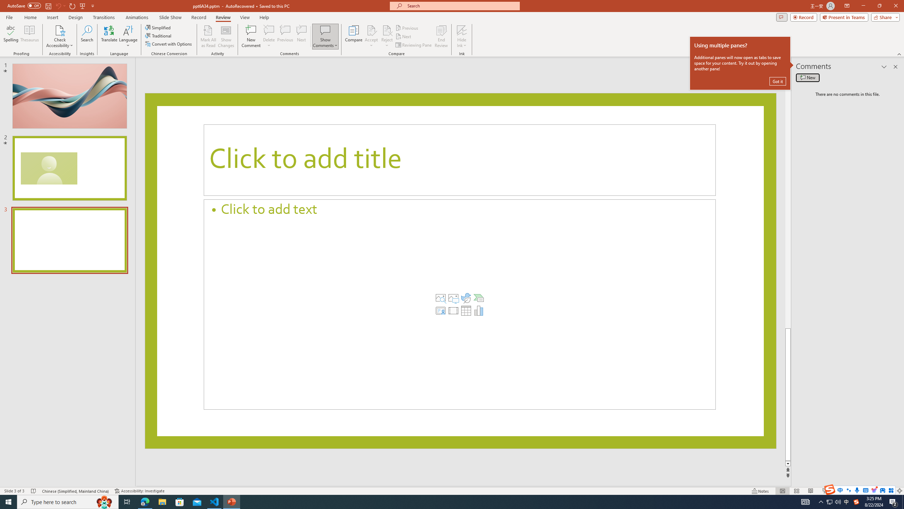  What do you see at coordinates (386, 30) in the screenshot?
I see `'Reject Change'` at bounding box center [386, 30].